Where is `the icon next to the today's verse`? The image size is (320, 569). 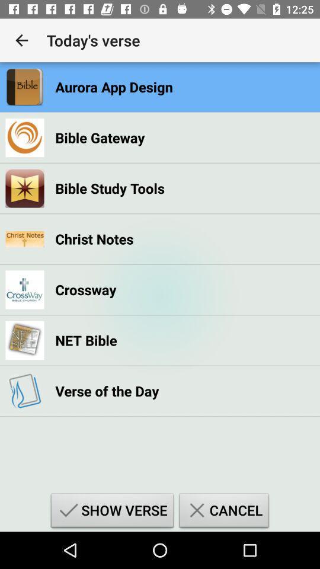
the icon next to the today's verse is located at coordinates (21, 40).